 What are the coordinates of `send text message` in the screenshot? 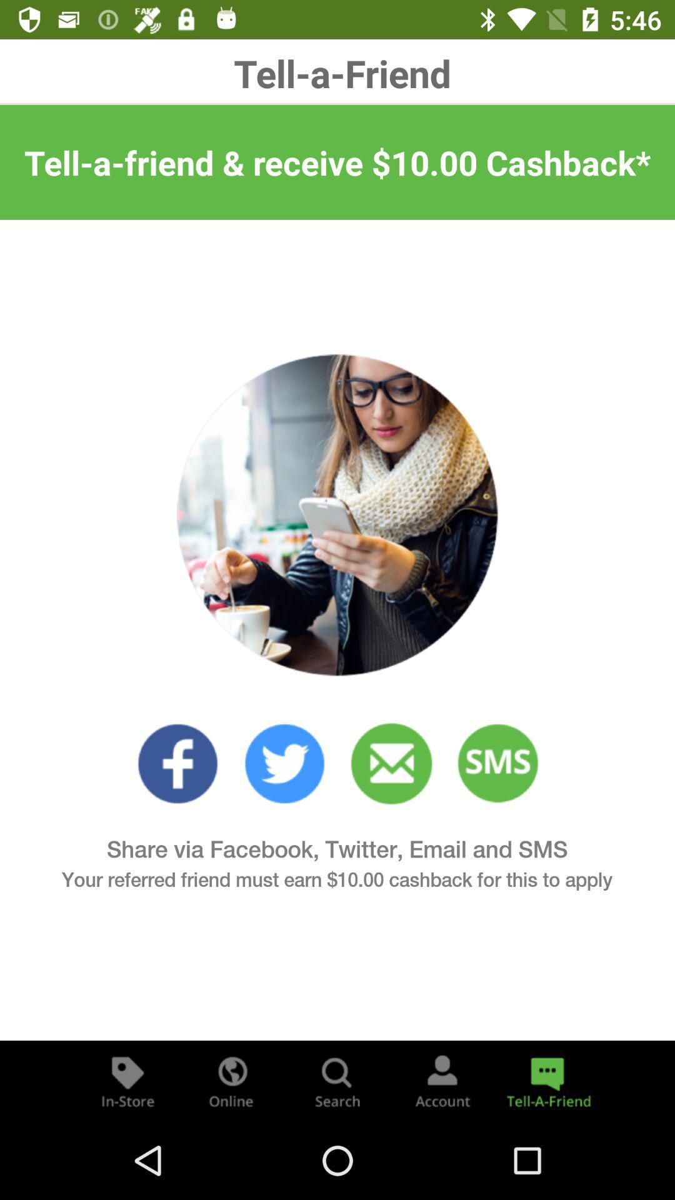 It's located at (497, 763).